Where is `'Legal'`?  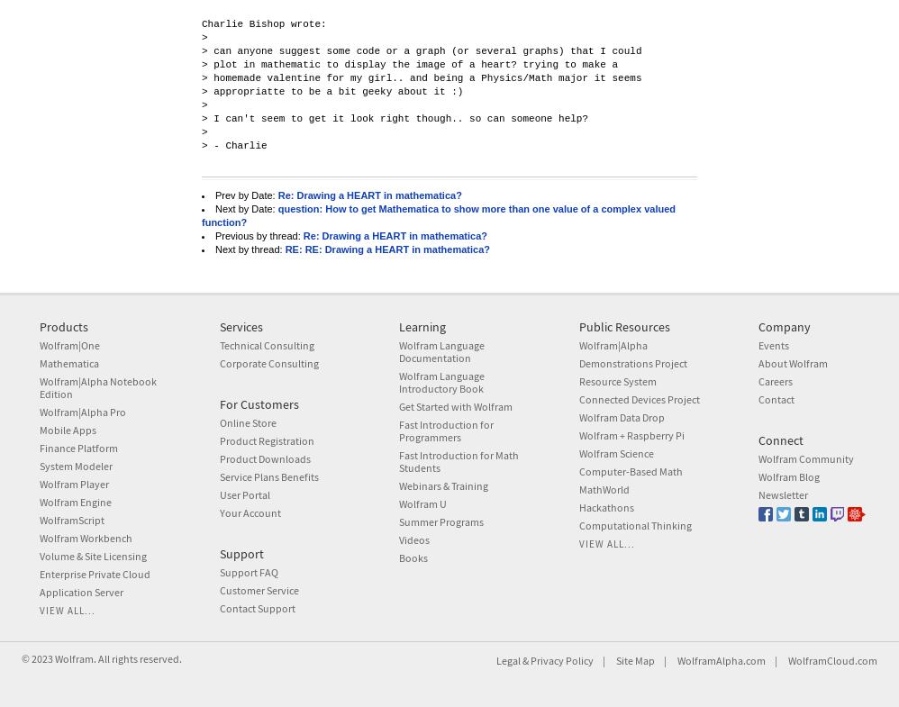
'Legal' is located at coordinates (507, 660).